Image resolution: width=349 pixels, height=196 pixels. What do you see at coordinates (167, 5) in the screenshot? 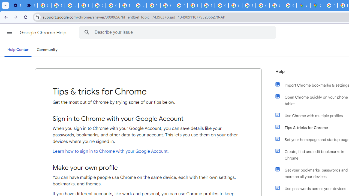
I see `'https://scholar.google.com/'` at bounding box center [167, 5].